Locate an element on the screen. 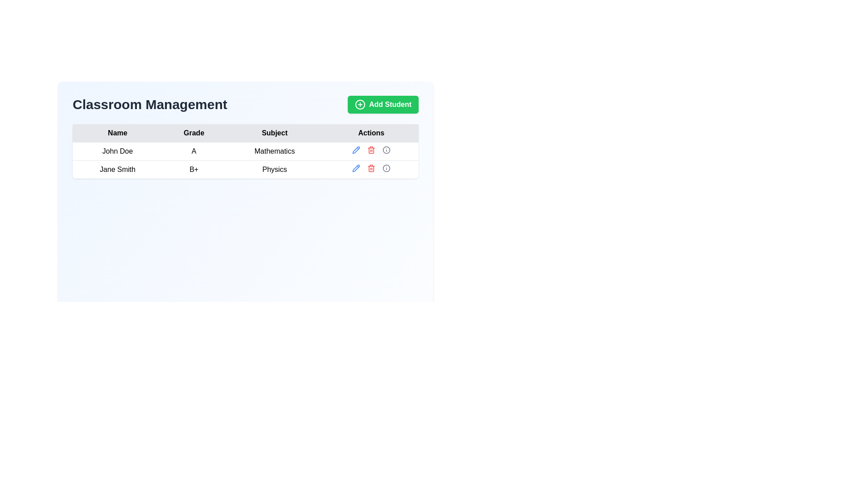 This screenshot has width=856, height=481. the fourth column header of the table, which indicates the type of actions available for each row is located at coordinates (371, 133).